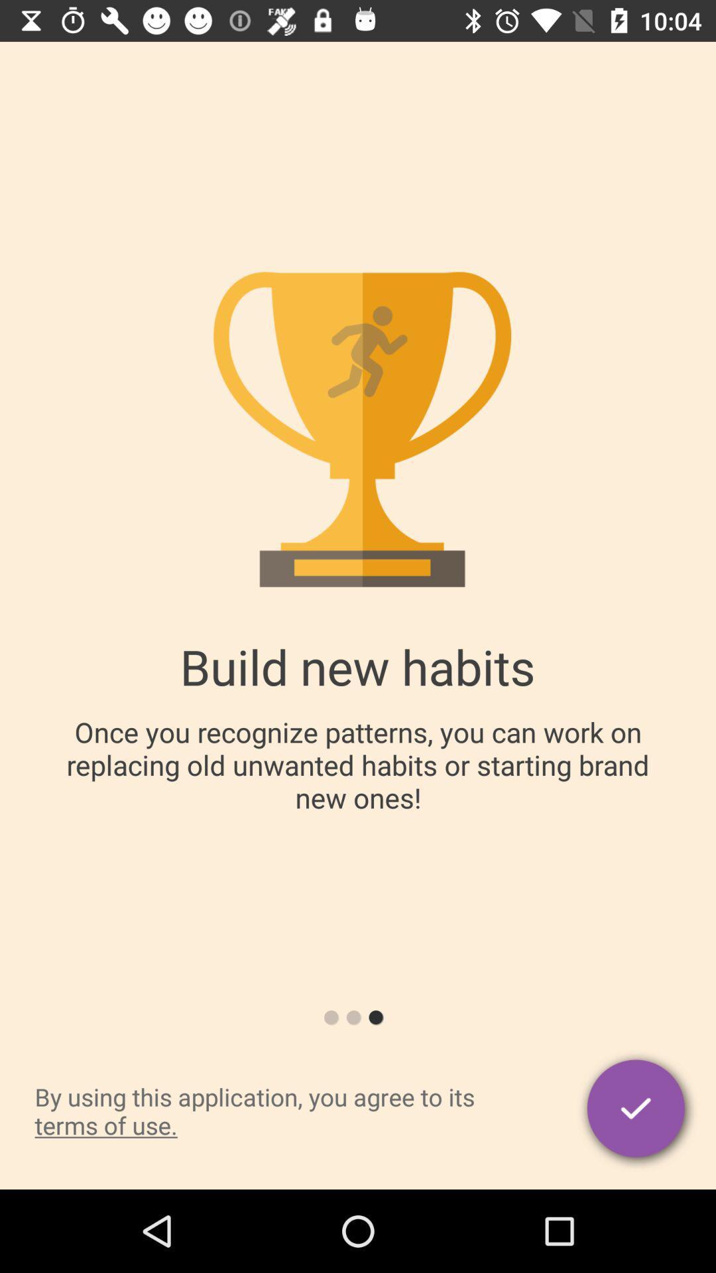 This screenshot has width=716, height=1273. Describe the element at coordinates (636, 1111) in the screenshot. I see `ok` at that location.